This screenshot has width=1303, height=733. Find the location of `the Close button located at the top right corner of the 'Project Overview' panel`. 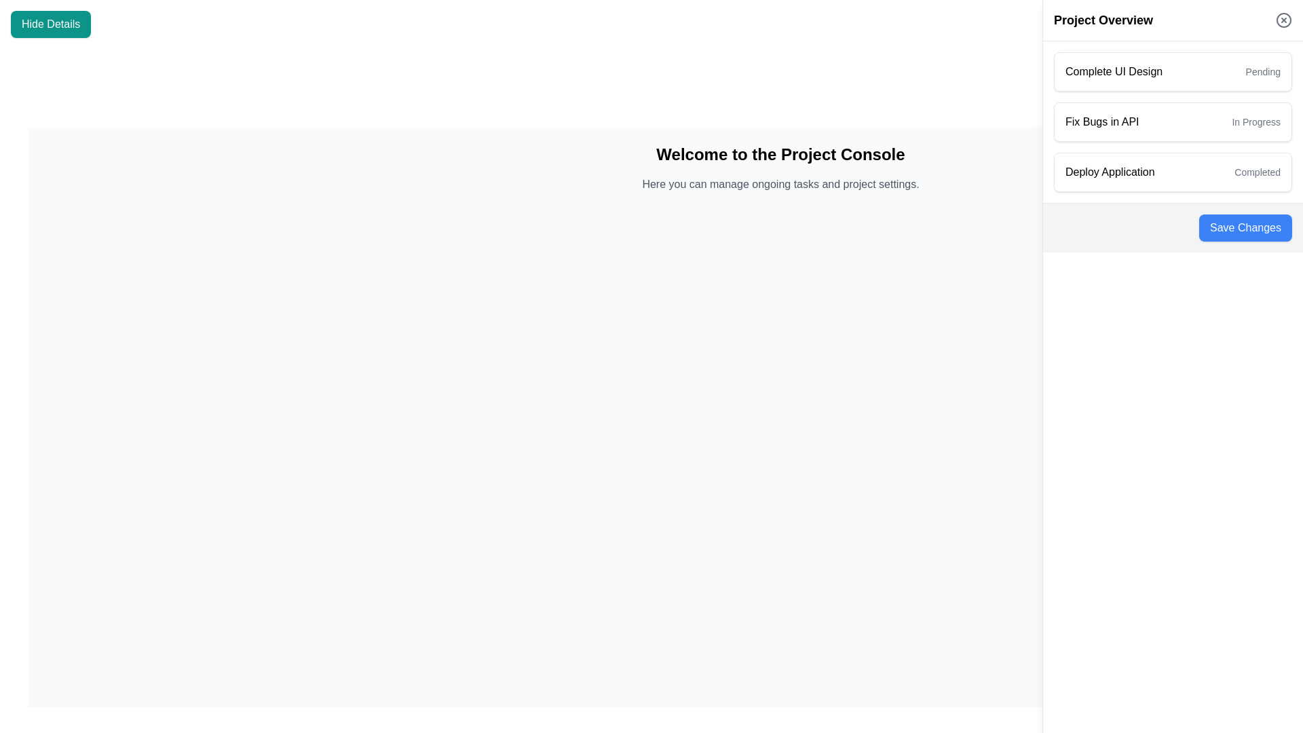

the Close button located at the top right corner of the 'Project Overview' panel is located at coordinates (1283, 20).